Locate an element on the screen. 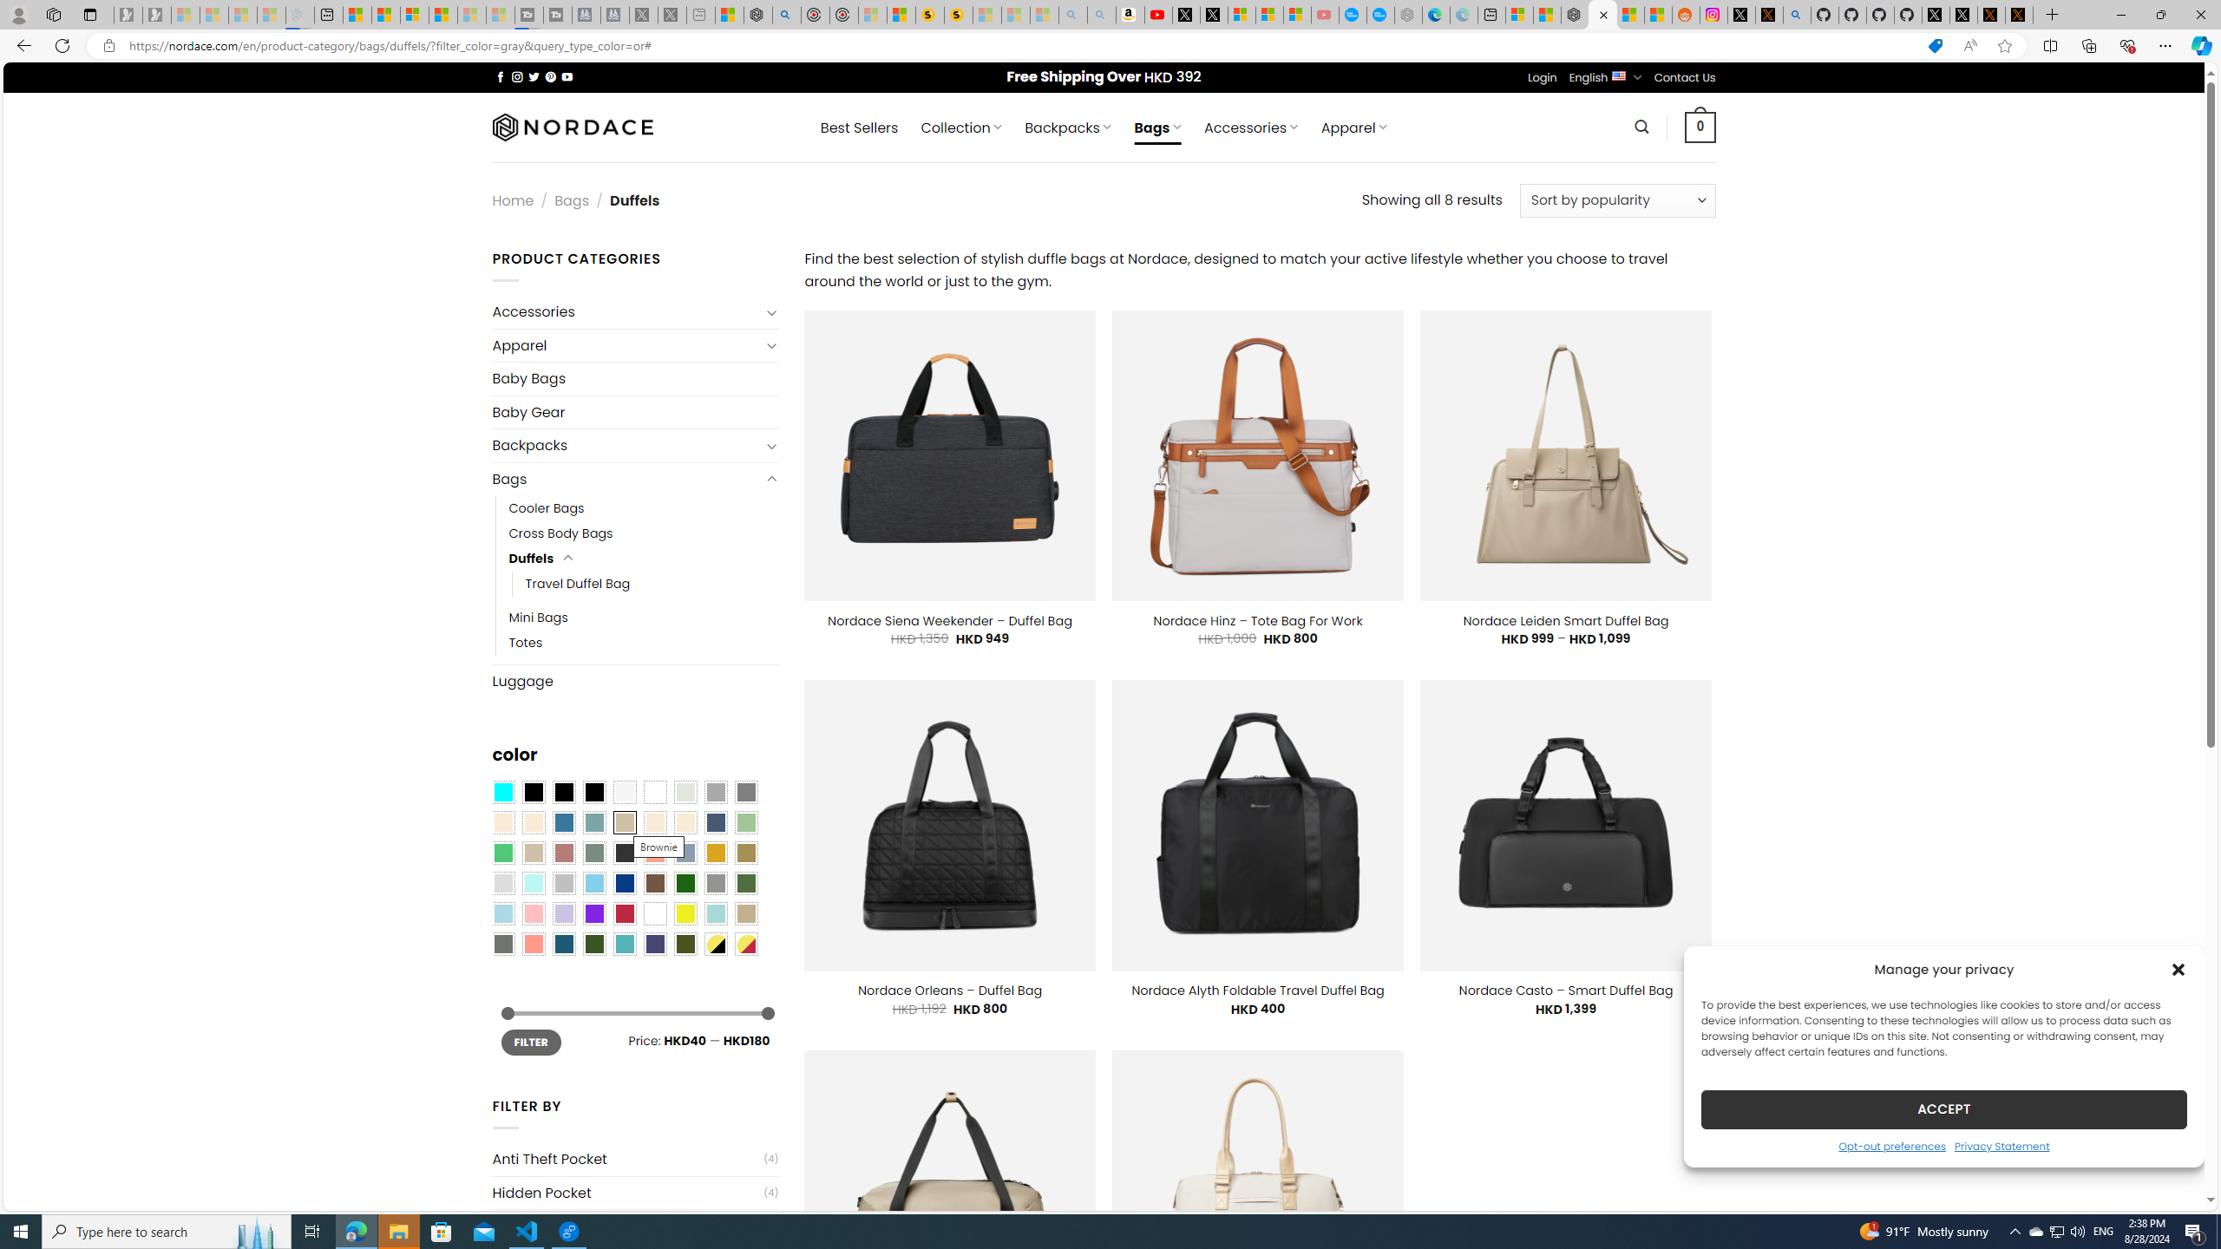  'Overview' is located at coordinates (413, 14).